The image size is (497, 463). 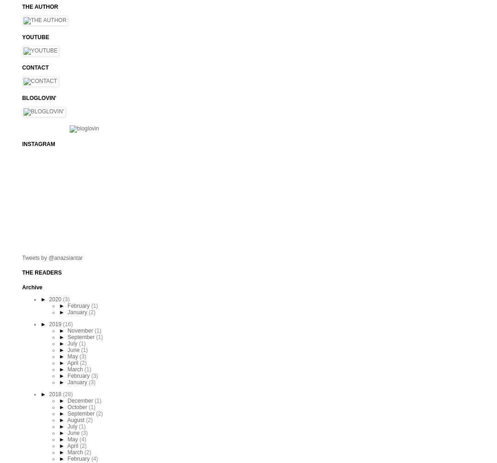 I want to click on 'CONTACT', so click(x=22, y=67).